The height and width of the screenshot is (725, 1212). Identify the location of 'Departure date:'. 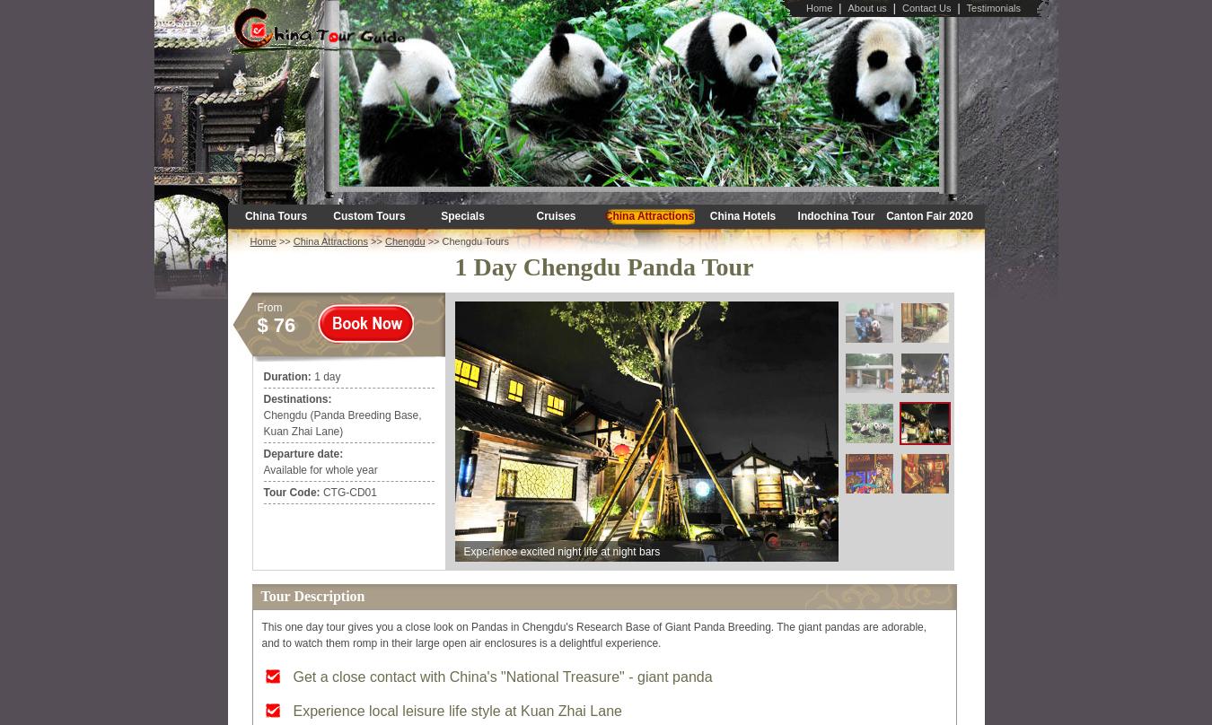
(302, 453).